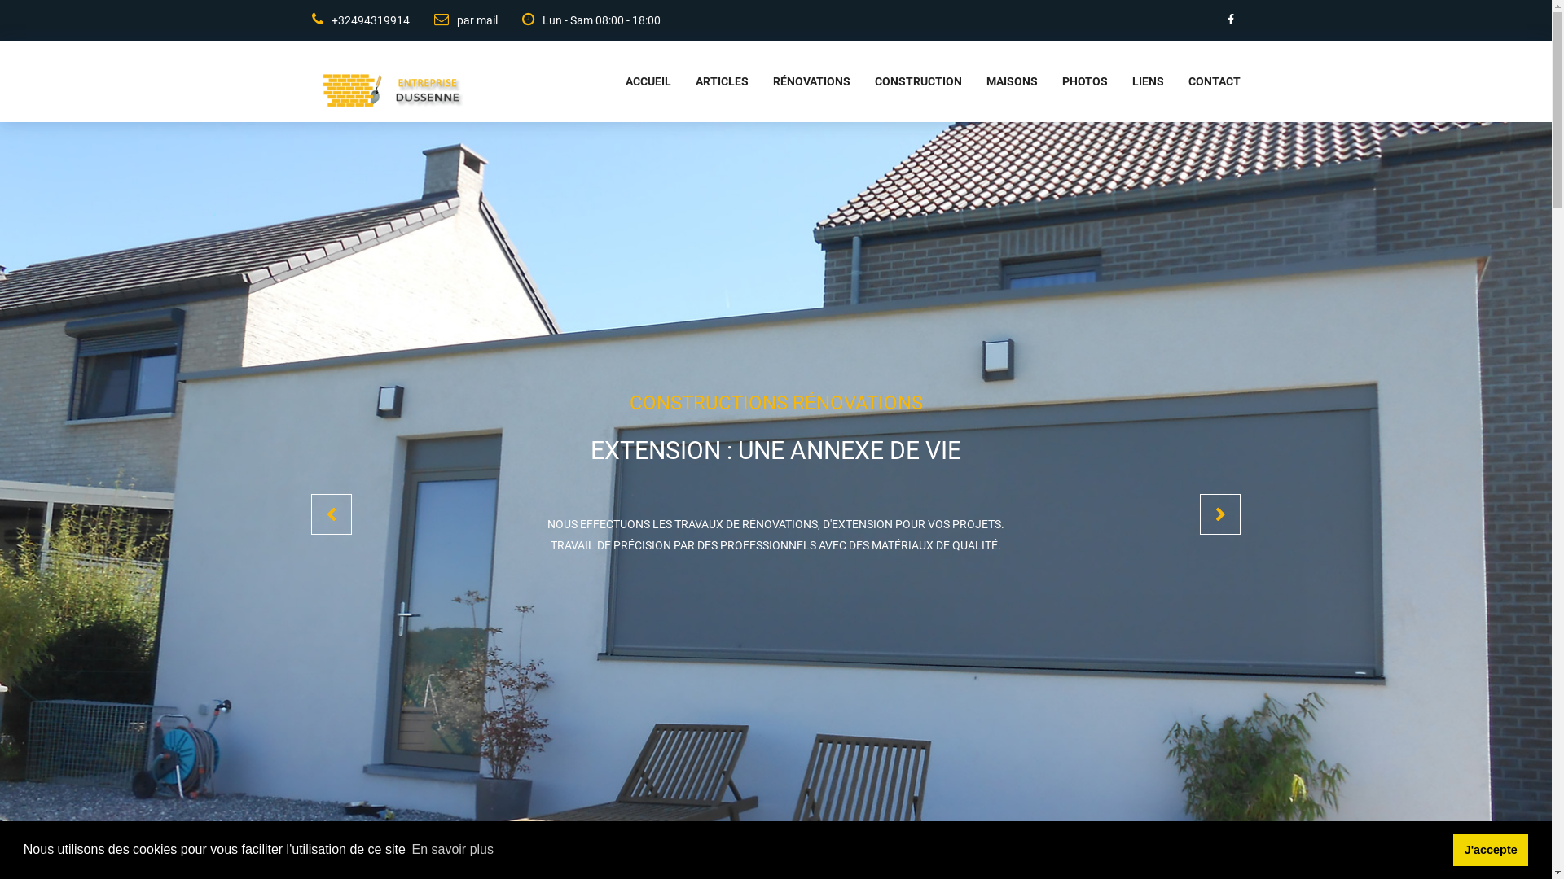 The width and height of the screenshot is (1564, 879). What do you see at coordinates (600, 81) in the screenshot?
I see `'ACCUEIL'` at bounding box center [600, 81].